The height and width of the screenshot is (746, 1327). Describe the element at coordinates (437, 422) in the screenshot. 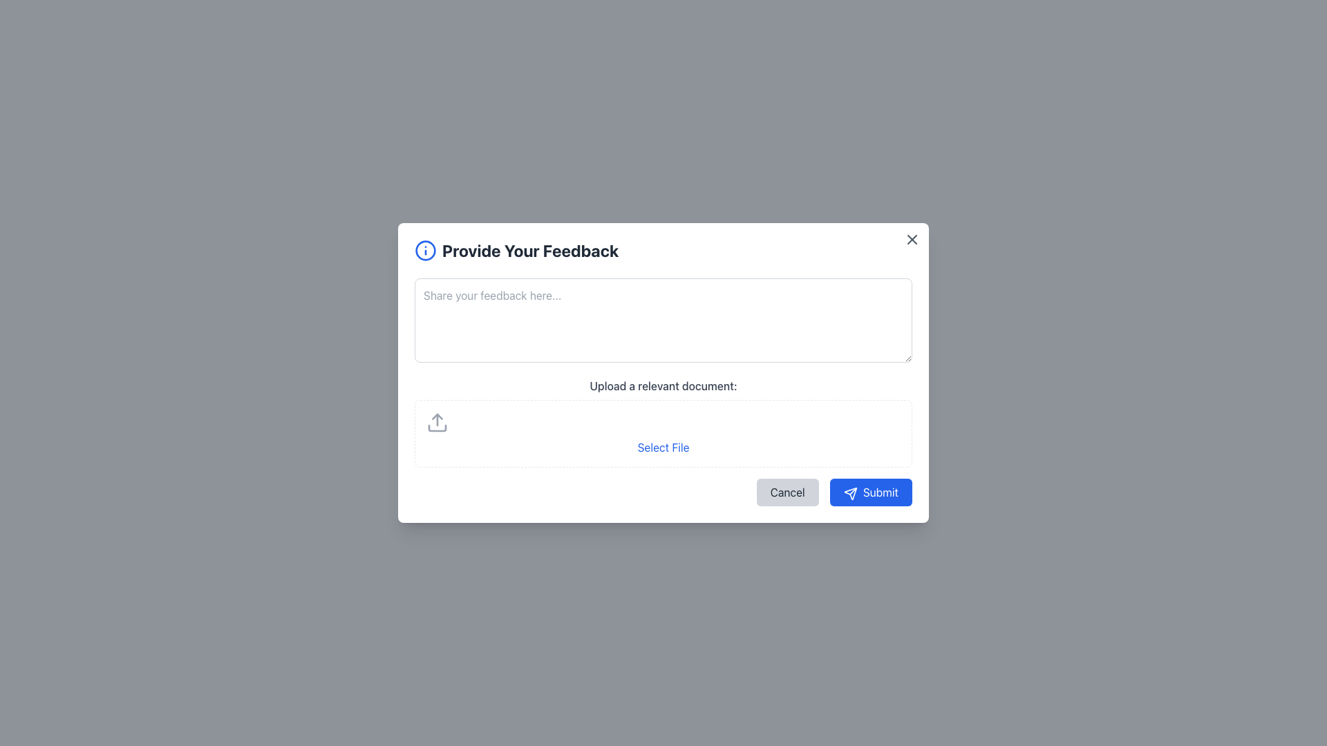

I see `the upload icon, which is a light gray graphic resembling an upload arrow, located in the 'Upload a relevant document' section, above the 'Select File' link` at that location.